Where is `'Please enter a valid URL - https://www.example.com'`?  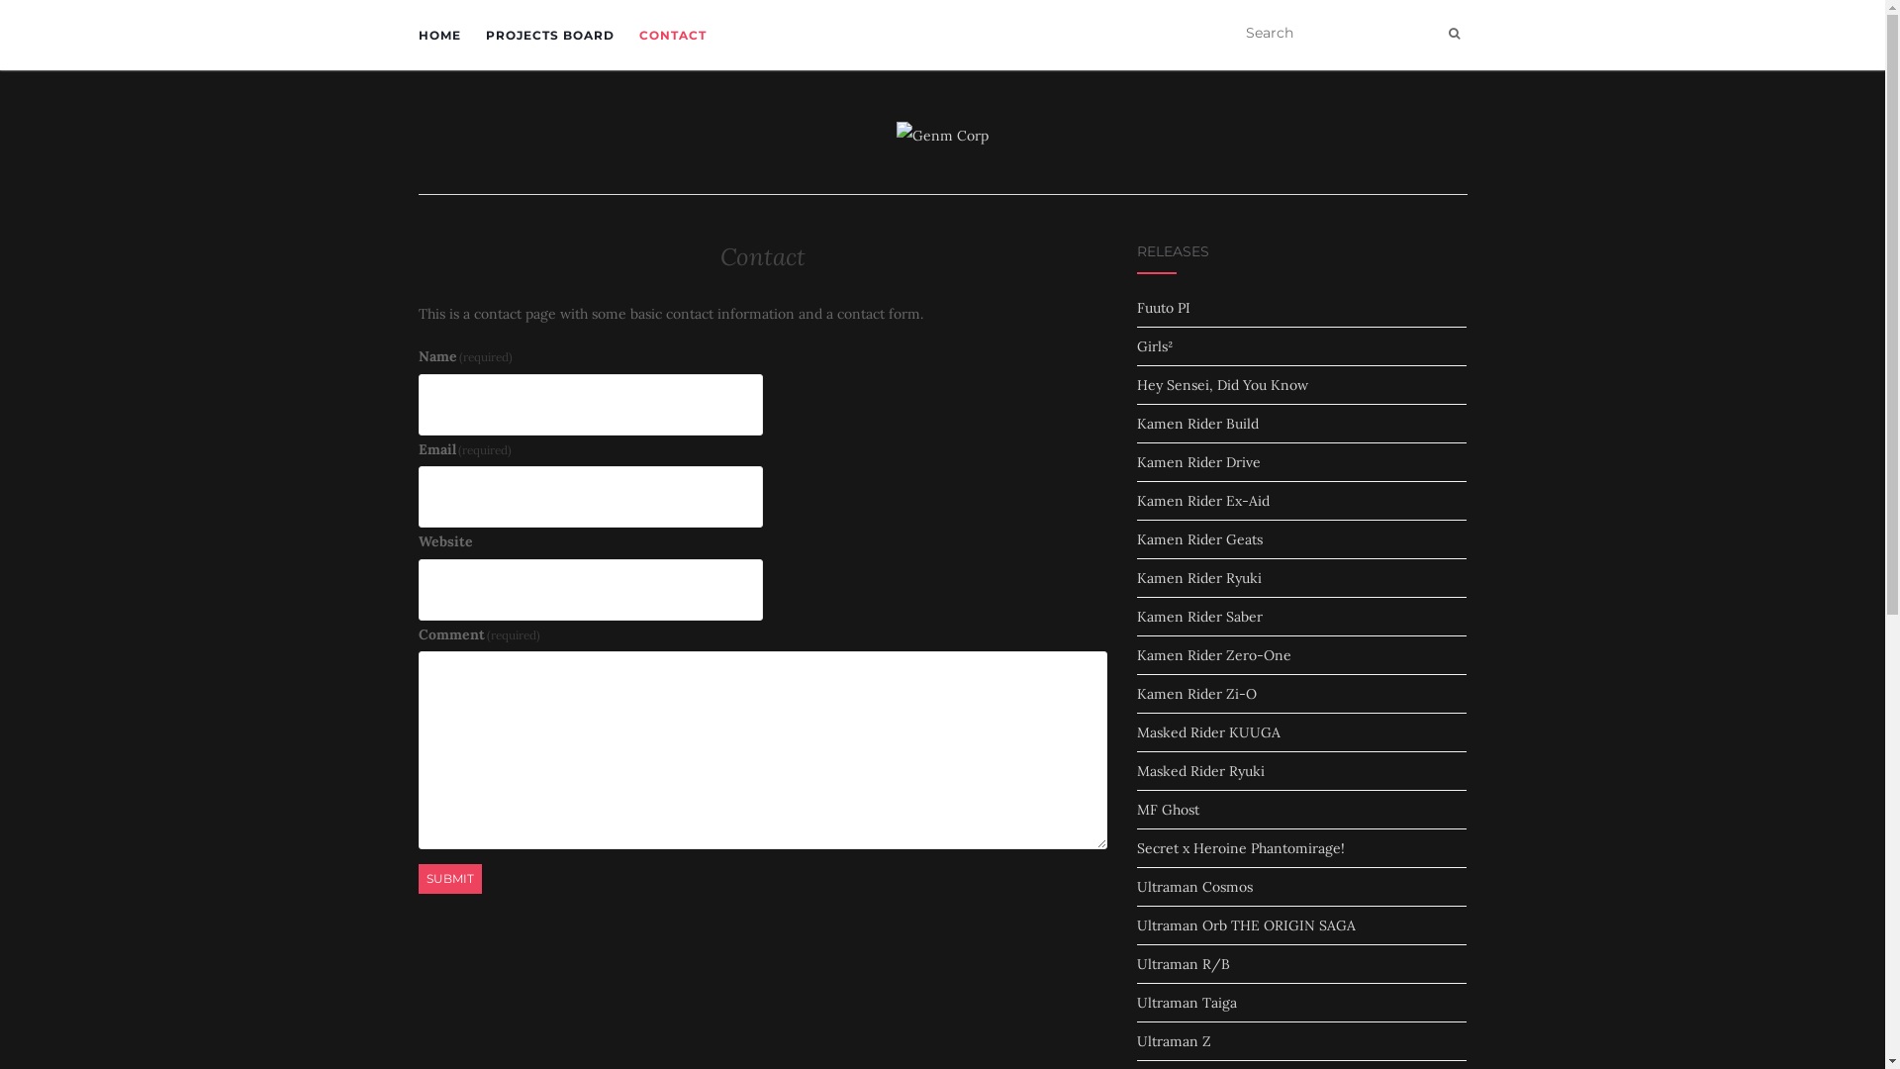 'Please enter a valid URL - https://www.example.com' is located at coordinates (588, 589).